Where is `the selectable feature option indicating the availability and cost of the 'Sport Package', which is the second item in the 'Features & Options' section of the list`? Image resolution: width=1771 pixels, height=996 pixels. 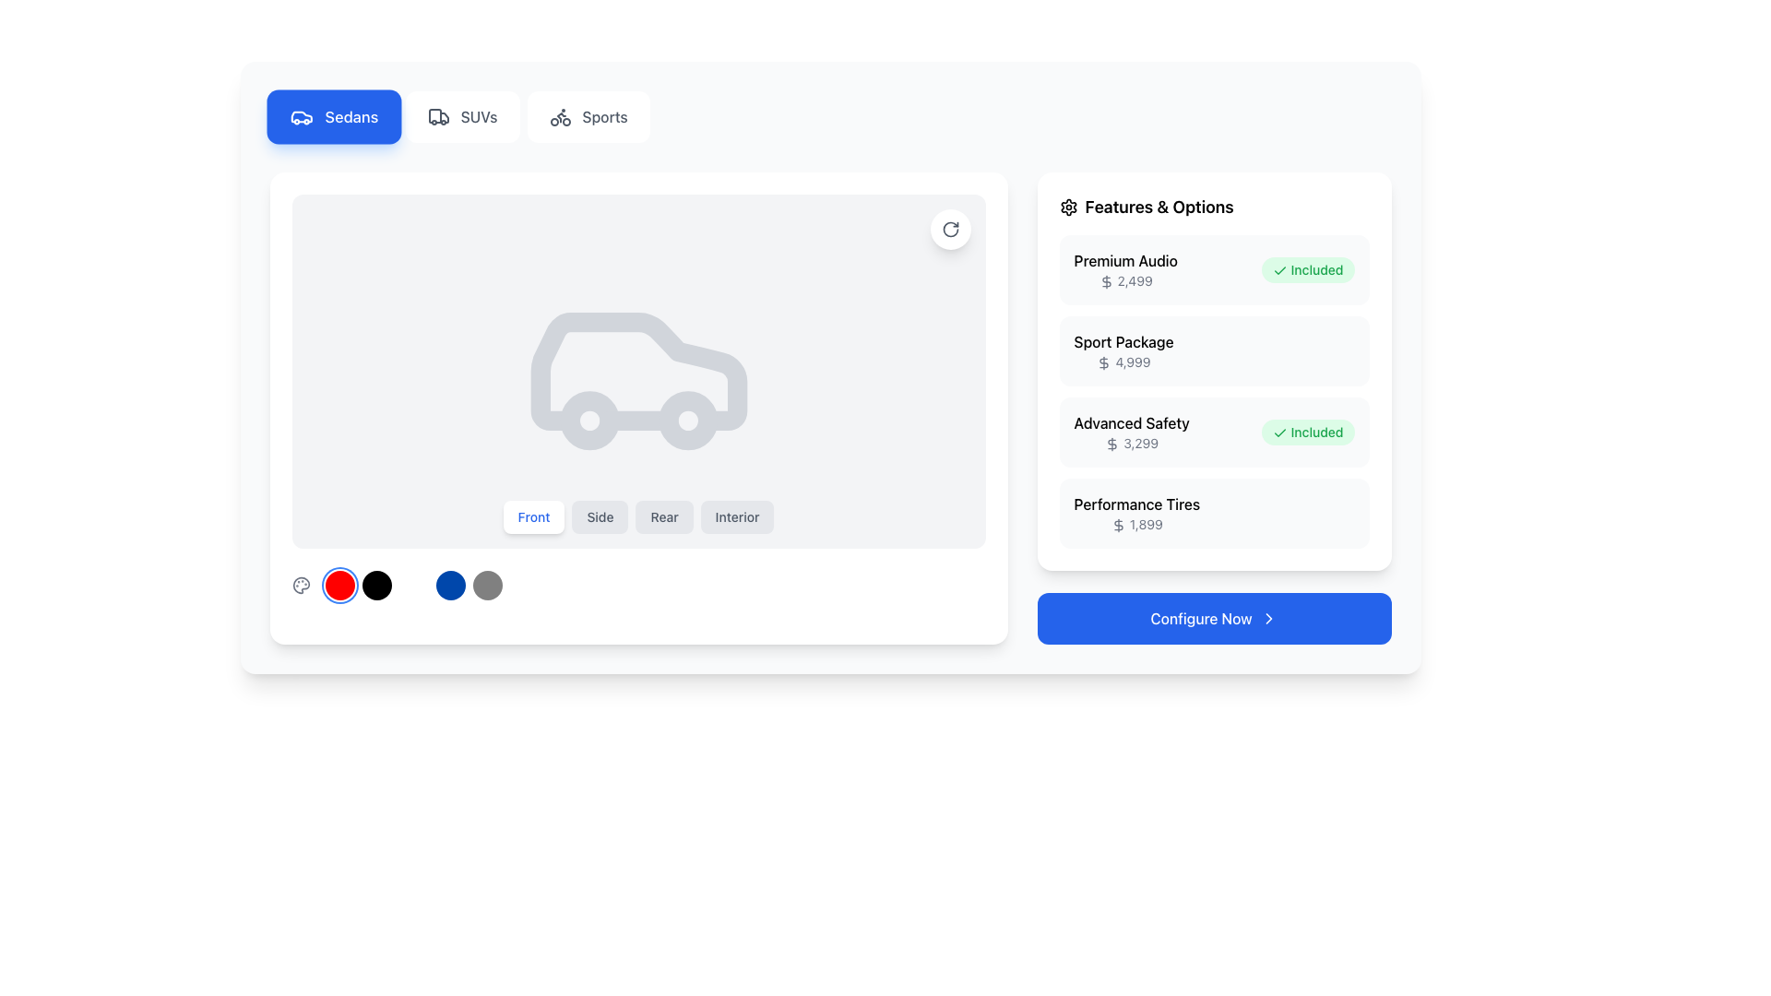
the selectable feature option indicating the availability and cost of the 'Sport Package', which is the second item in the 'Features & Options' section of the list is located at coordinates (1214, 351).